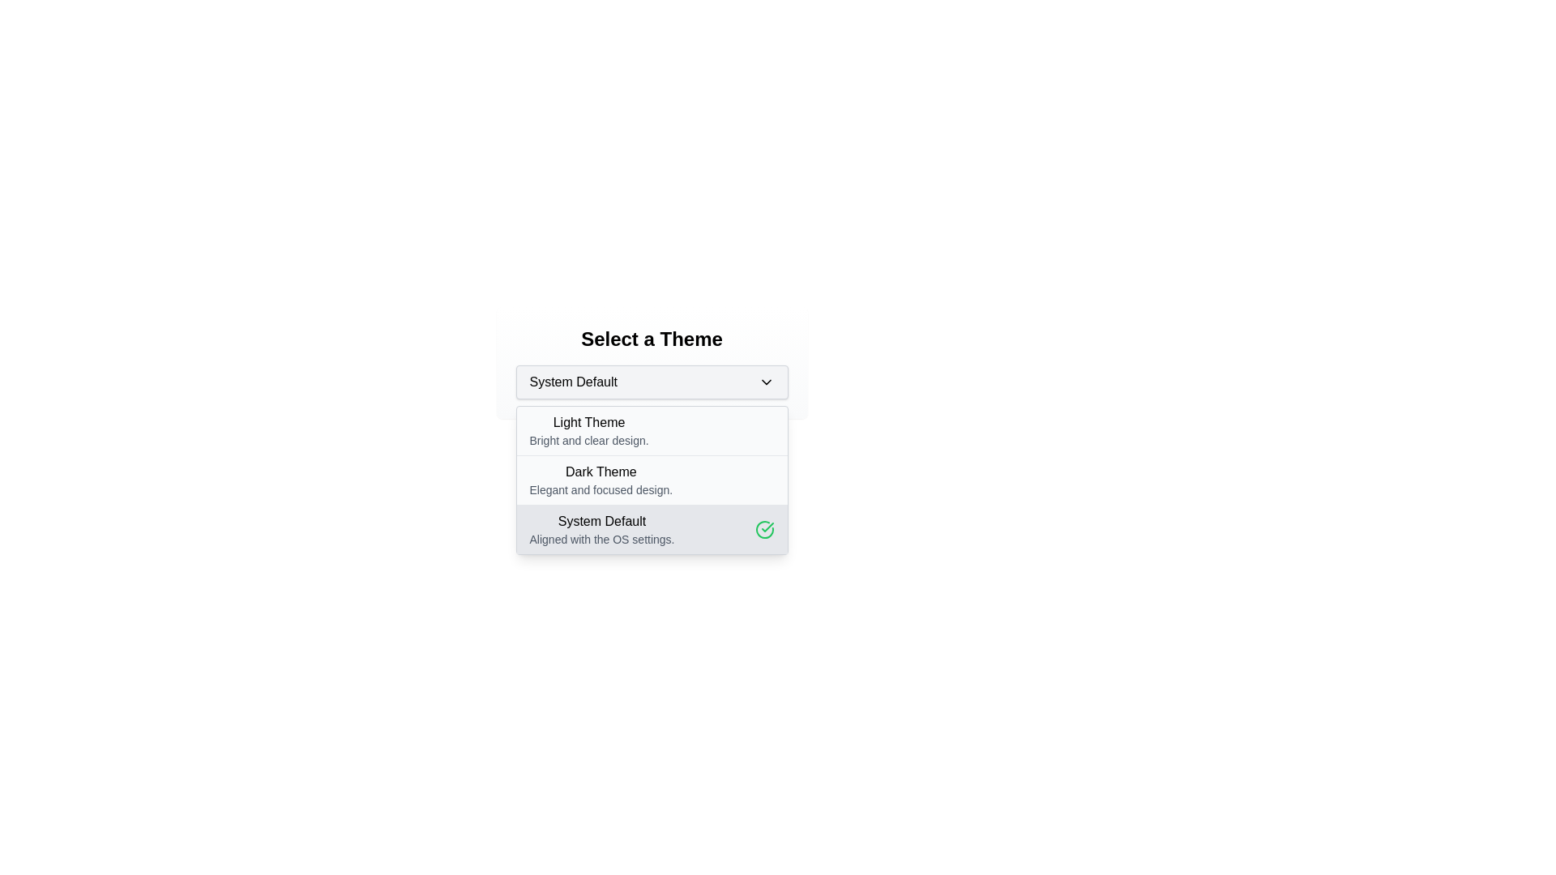 This screenshot has height=875, width=1556. I want to click on the icon on the right side of the 'System Default' text, so click(765, 382).